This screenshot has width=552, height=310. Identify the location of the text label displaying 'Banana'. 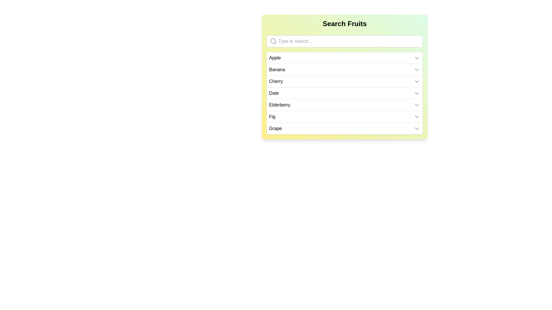
(277, 69).